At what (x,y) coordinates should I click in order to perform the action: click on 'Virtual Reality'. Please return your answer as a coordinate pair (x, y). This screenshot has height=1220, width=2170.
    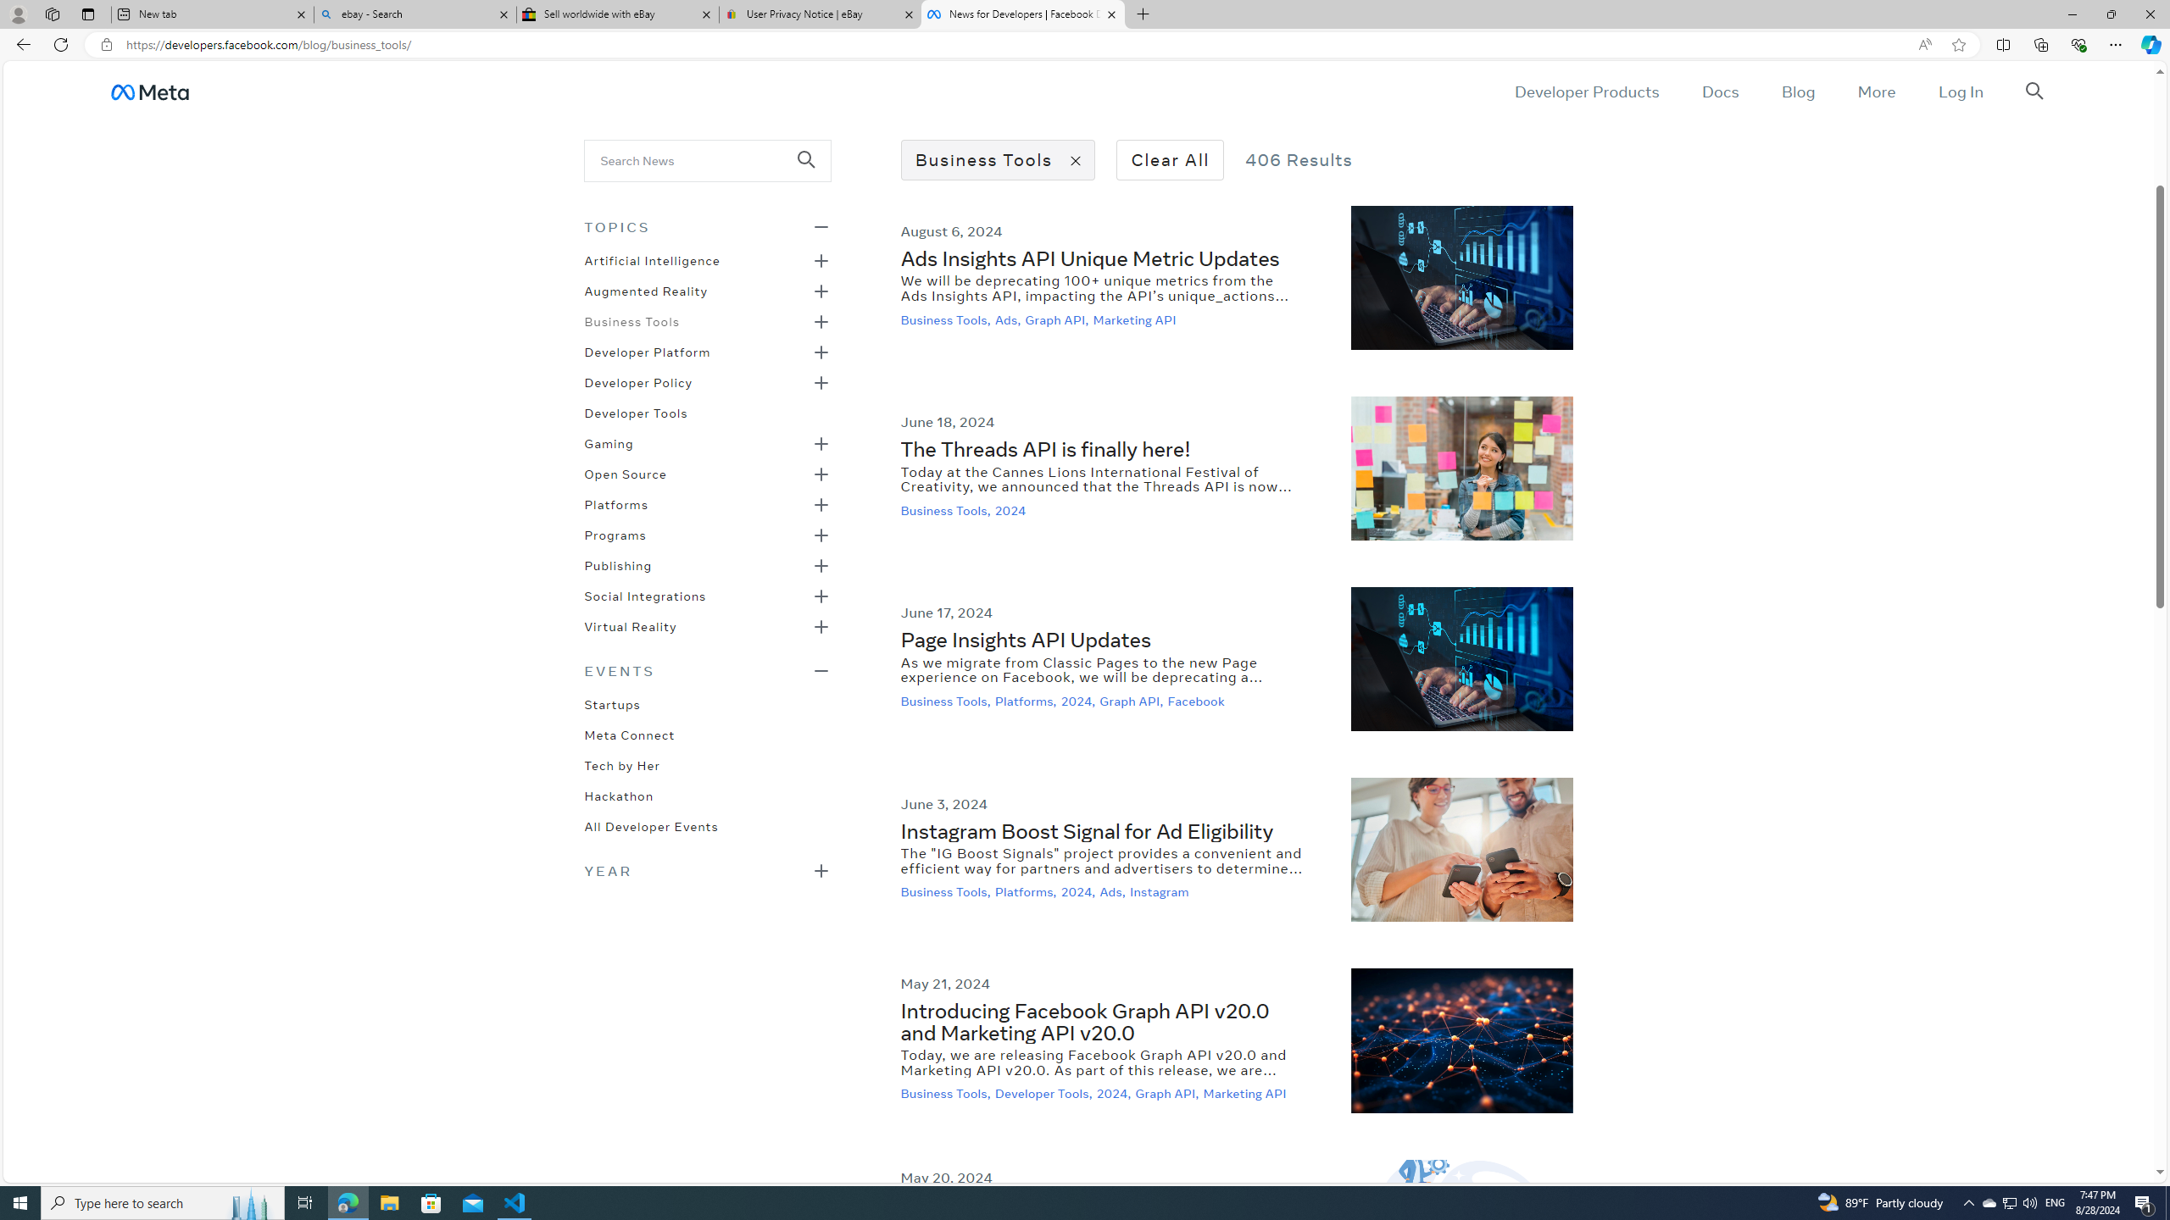
    Looking at the image, I should click on (629, 624).